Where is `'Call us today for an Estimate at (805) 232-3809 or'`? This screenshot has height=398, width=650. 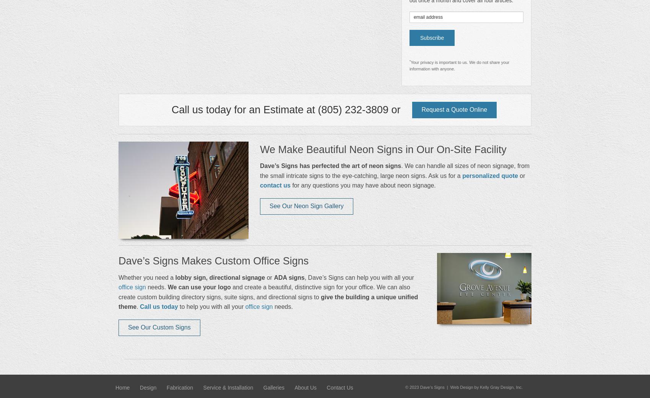
'Call us today for an Estimate at (805) 232-3809 or' is located at coordinates (285, 109).